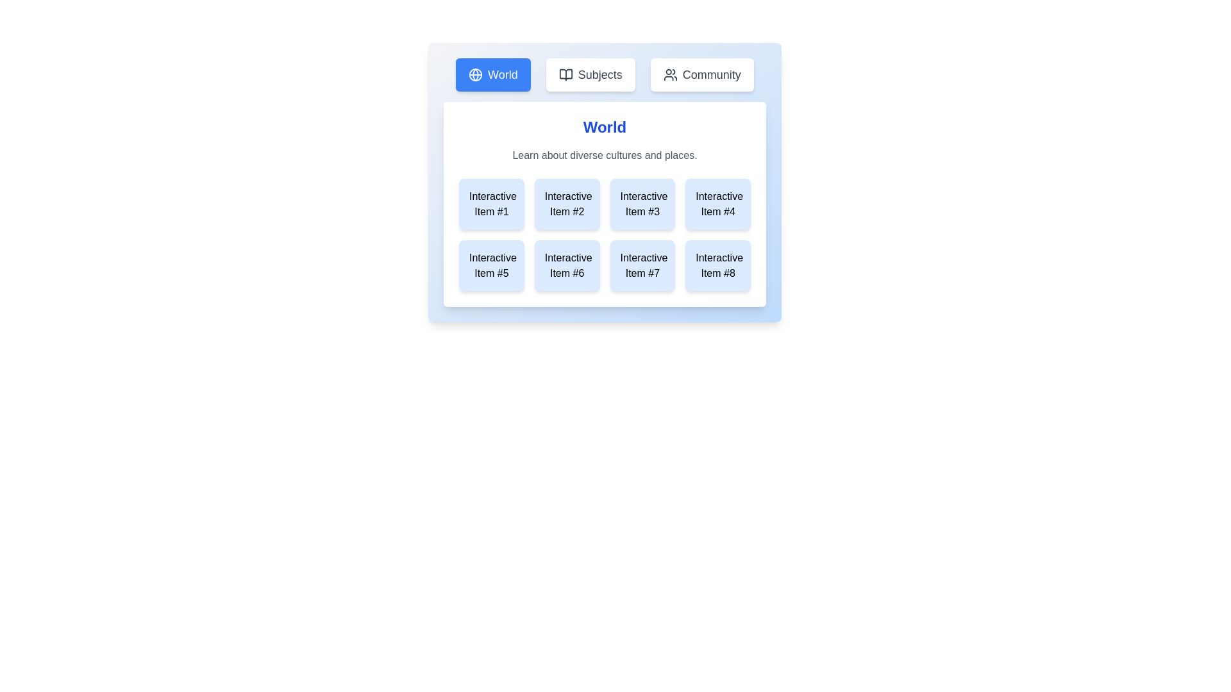 This screenshot has height=692, width=1231. Describe the element at coordinates (590, 74) in the screenshot. I see `the Subjects tab to switch views` at that location.